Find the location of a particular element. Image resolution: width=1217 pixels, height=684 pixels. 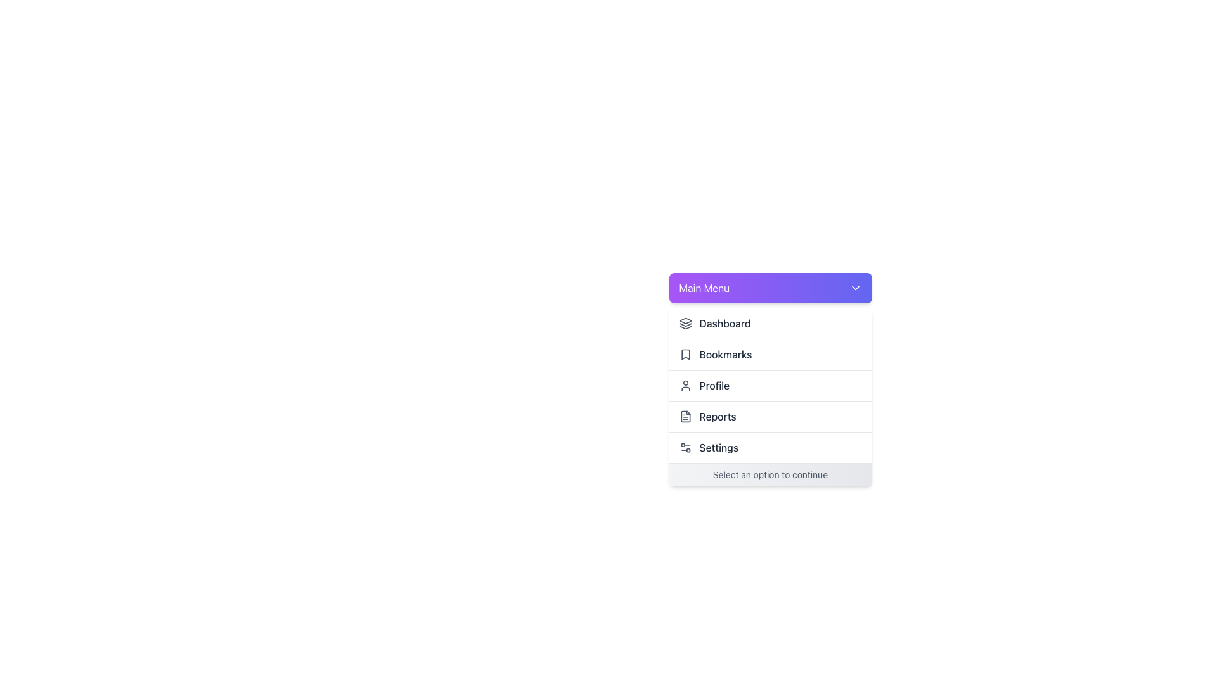

the 'Profile' menu option text located in the vertical navigation menu, which is the third item in the list next to the user icon is located at coordinates (714, 385).